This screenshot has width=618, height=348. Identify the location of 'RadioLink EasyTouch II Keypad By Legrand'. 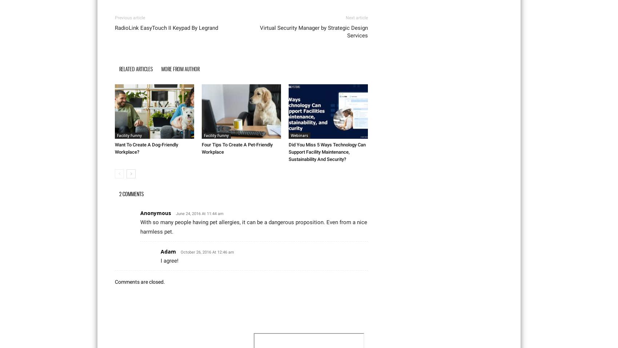
(115, 27).